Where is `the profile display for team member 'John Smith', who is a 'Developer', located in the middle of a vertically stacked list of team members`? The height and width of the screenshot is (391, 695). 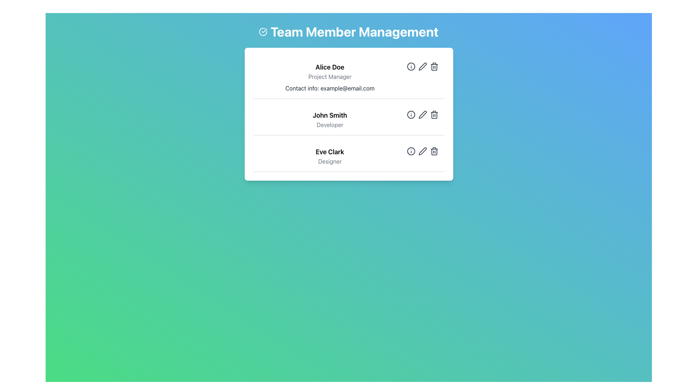
the profile display for team member 'John Smith', who is a 'Developer', located in the middle of a vertically stacked list of team members is located at coordinates (349, 119).